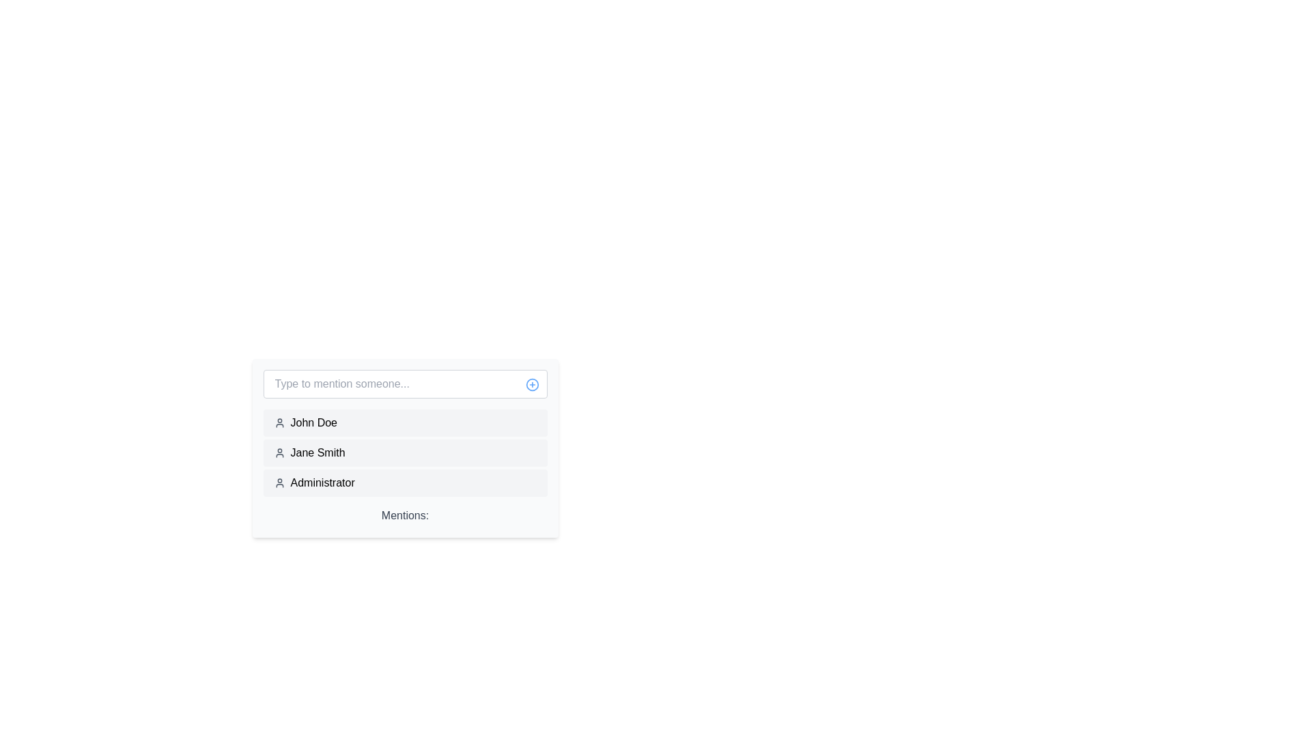 The height and width of the screenshot is (737, 1311). Describe the element at coordinates (531, 384) in the screenshot. I see `the interactive button for adding new entities located at the top-right corner of the input area` at that location.